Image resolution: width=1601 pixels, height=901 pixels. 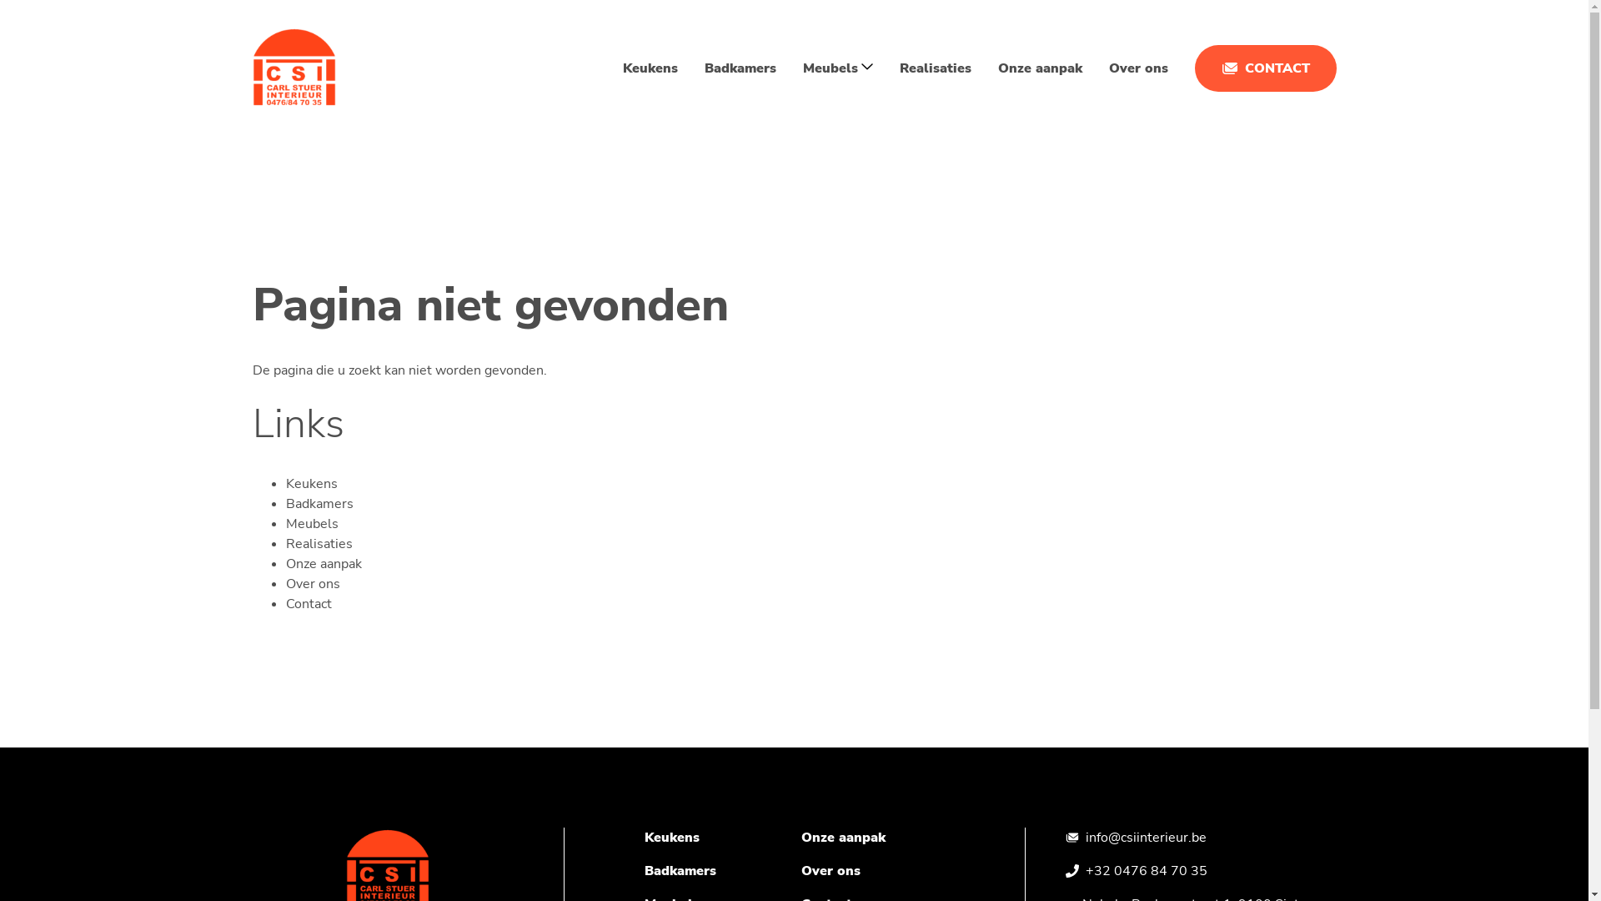 I want to click on 'Keukens', so click(x=648, y=67).